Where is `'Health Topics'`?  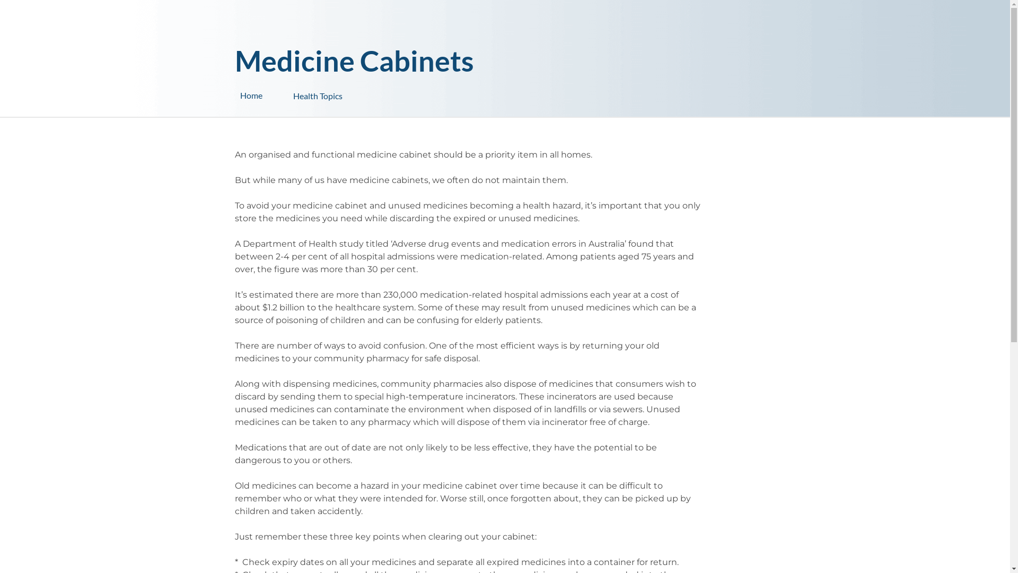 'Health Topics' is located at coordinates (346, 90).